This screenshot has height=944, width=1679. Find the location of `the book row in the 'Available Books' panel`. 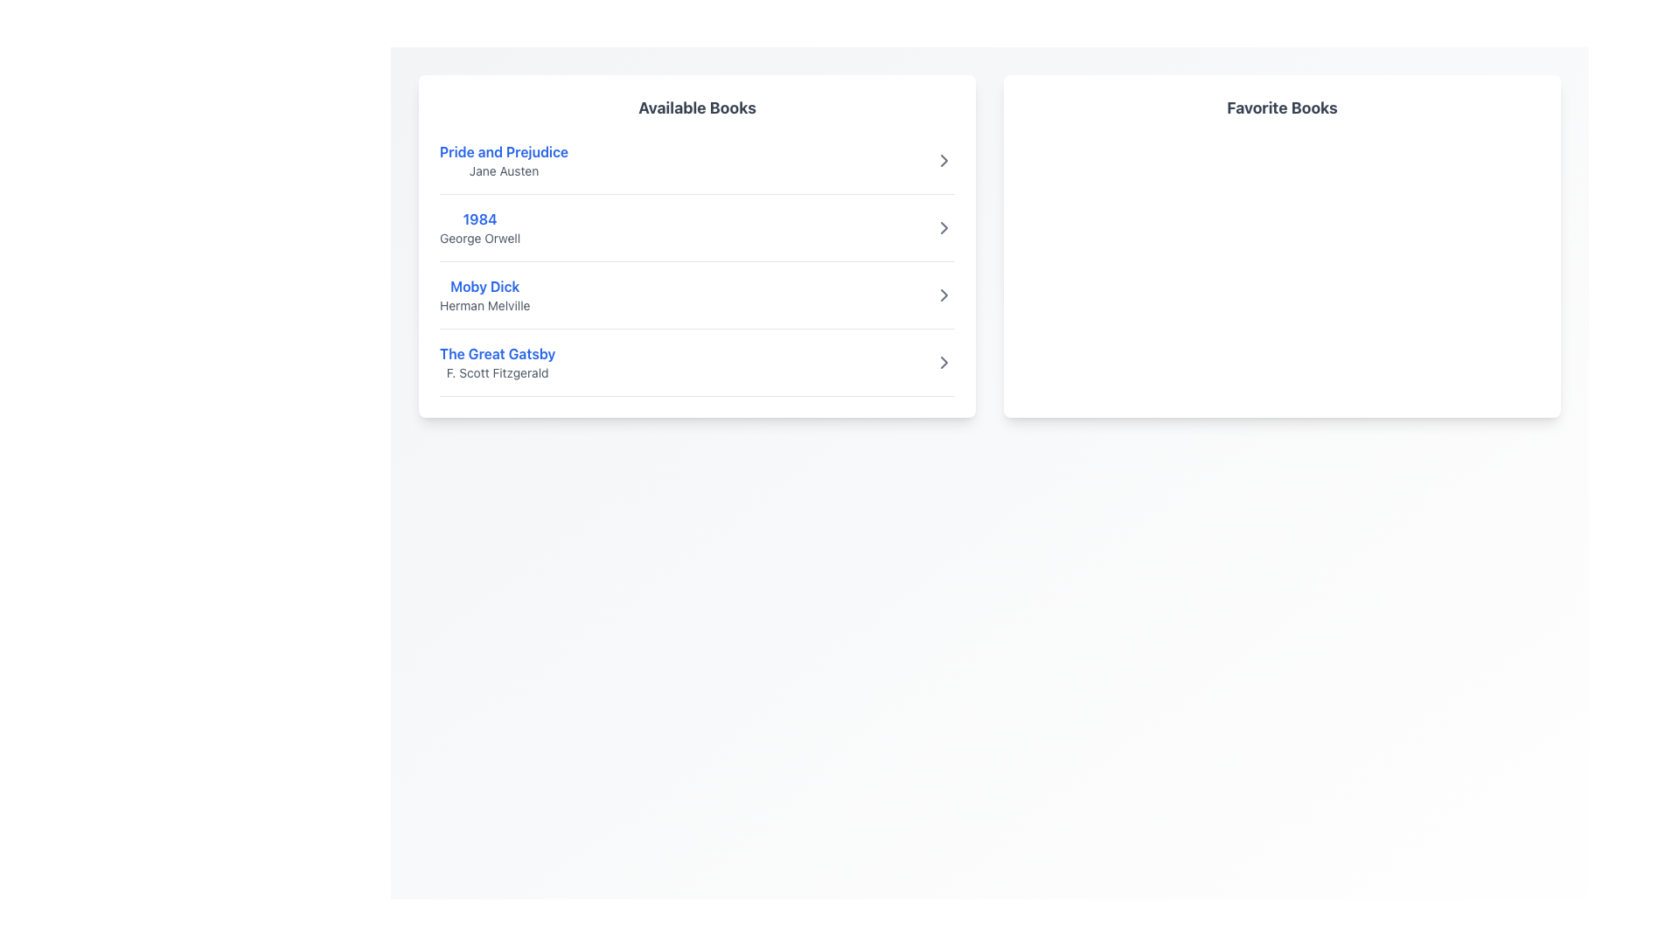

the book row in the 'Available Books' panel is located at coordinates (696, 246).